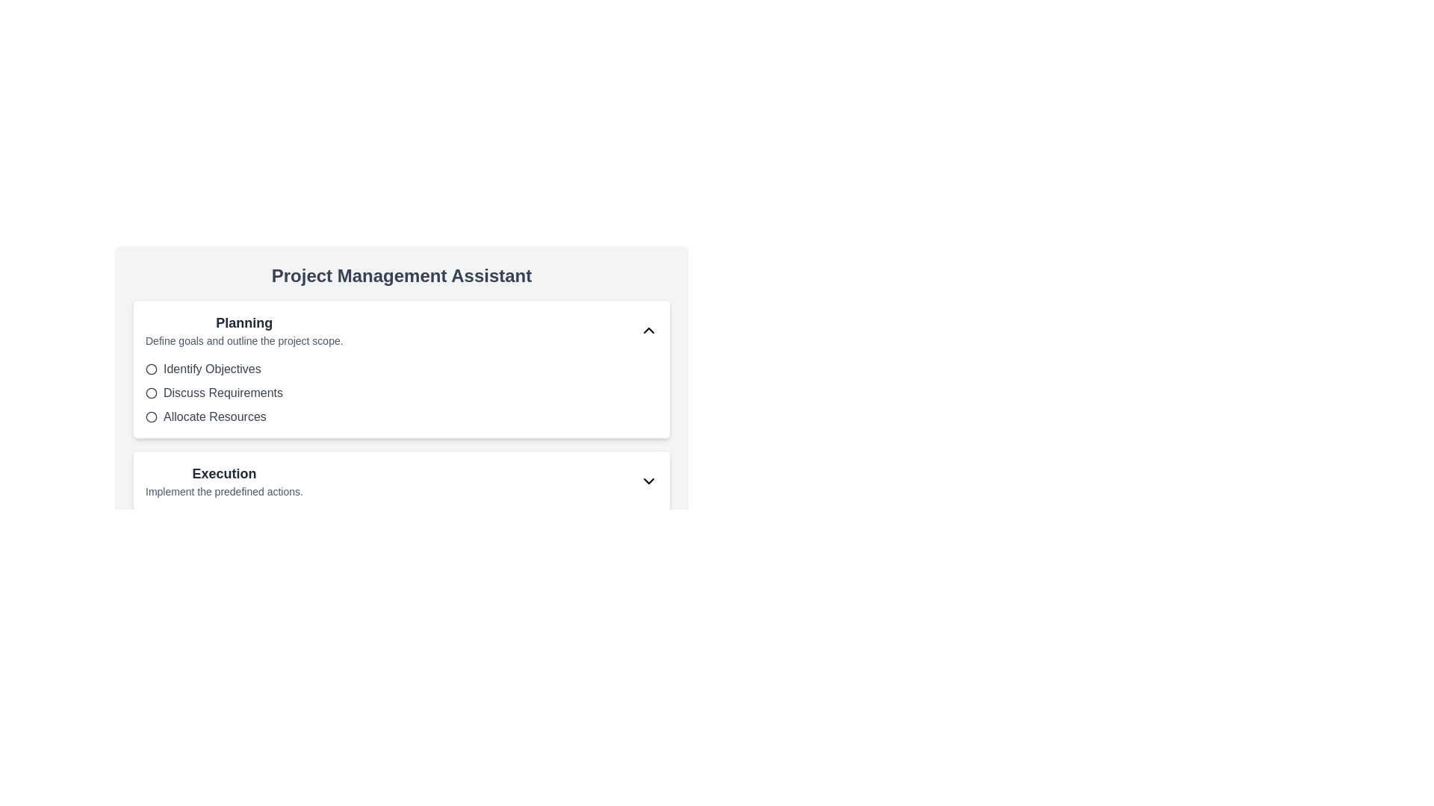  What do you see at coordinates (244, 330) in the screenshot?
I see `the Text Block titled 'Planning' which includes a bold header and a smaller description text, located in the middle section of a vertical list` at bounding box center [244, 330].